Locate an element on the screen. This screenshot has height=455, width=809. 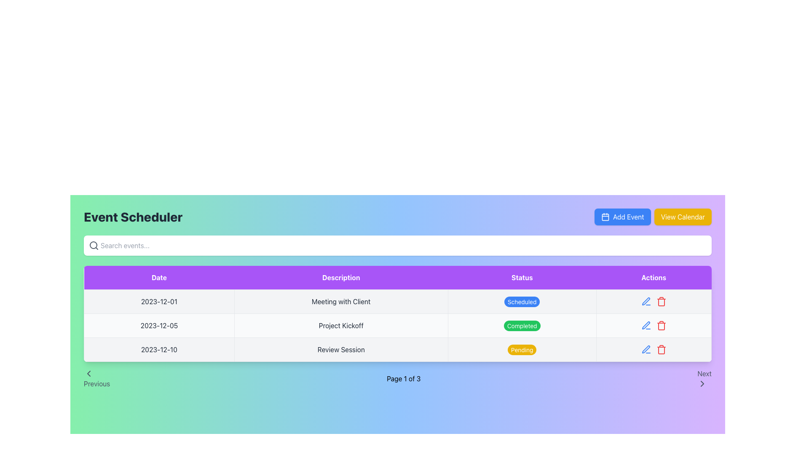
the 'Completed' status label in the 'Status' column of the table row for 'Project Kickoff' is located at coordinates (522, 325).